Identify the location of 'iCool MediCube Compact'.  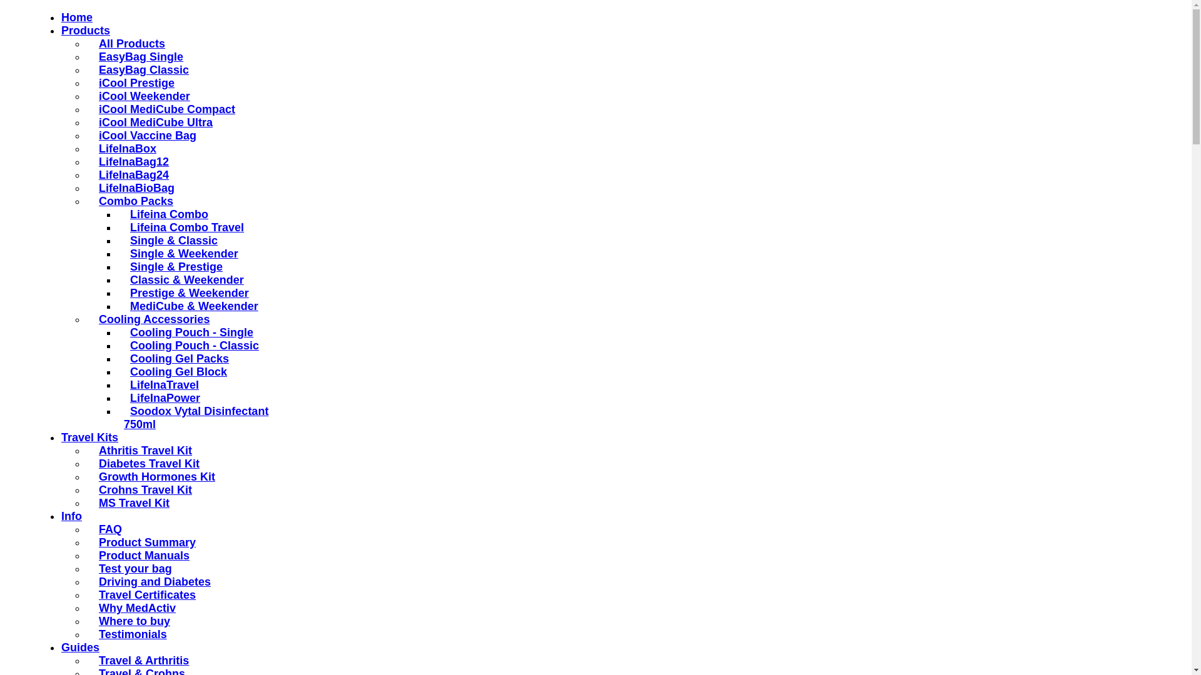
(163, 108).